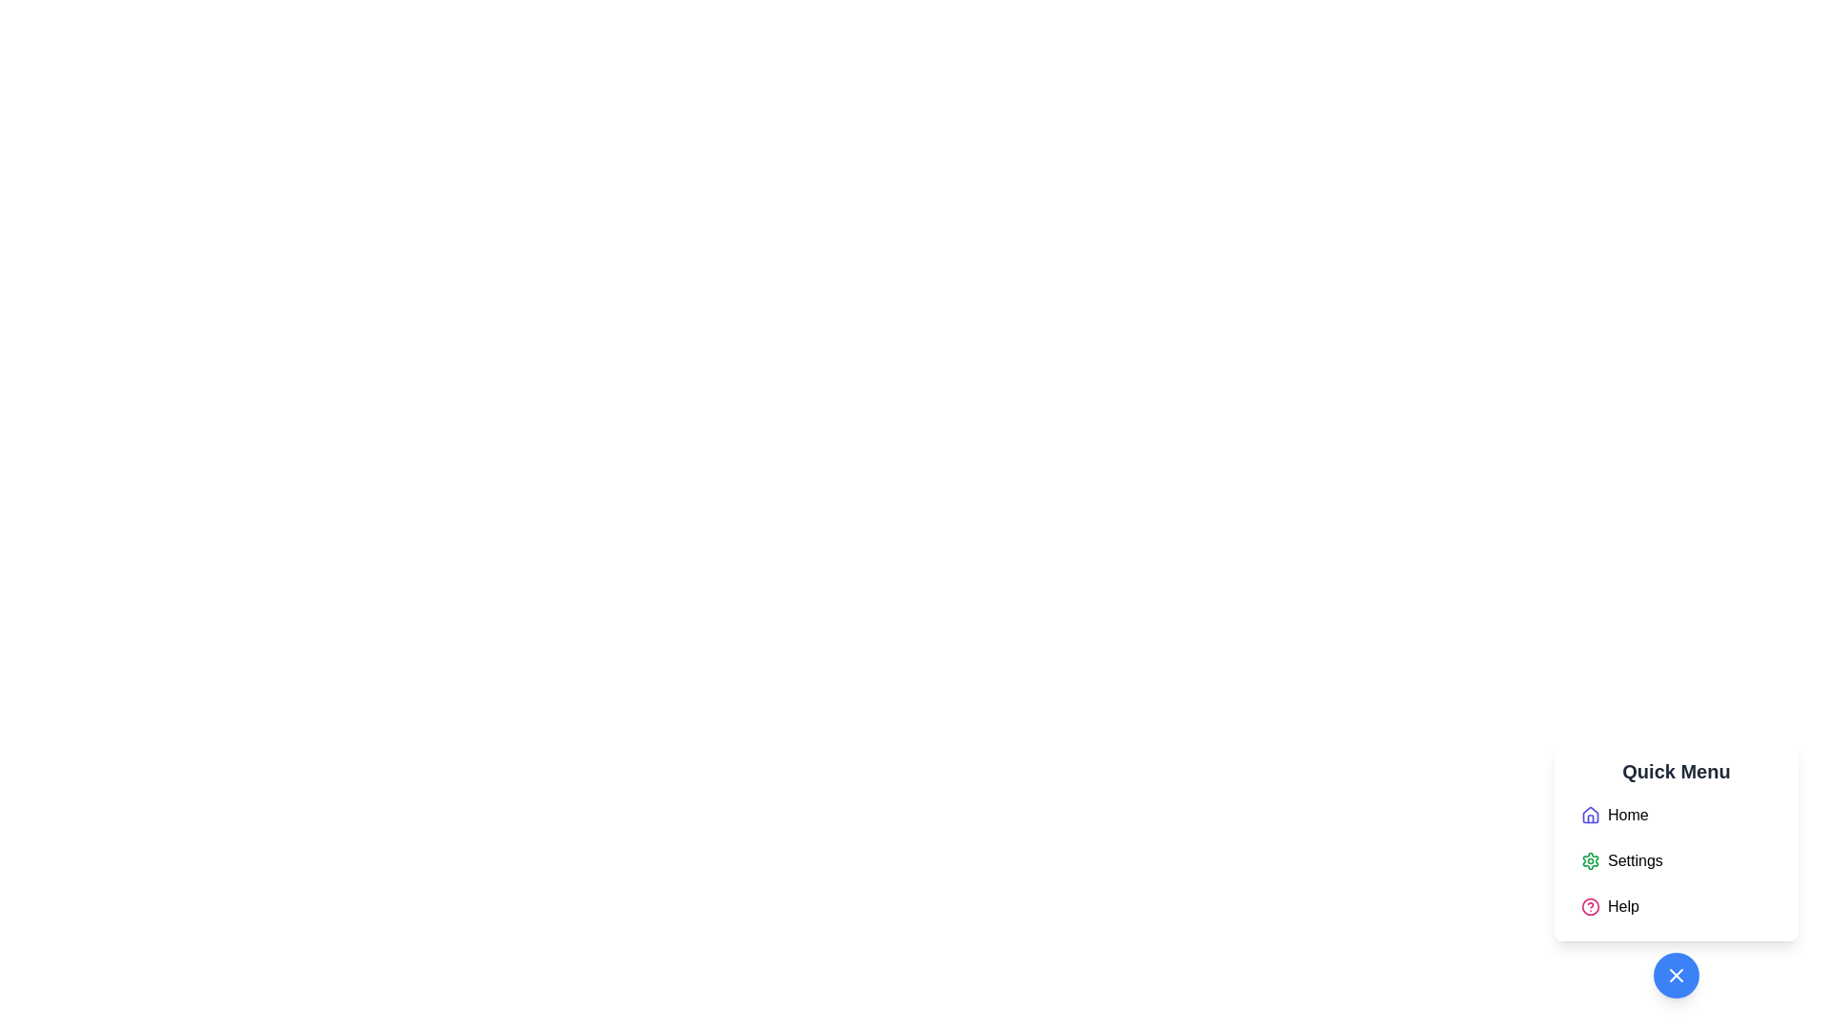 This screenshot has width=1829, height=1029. What do you see at coordinates (1591, 815) in the screenshot?
I see `the small light blue outlined house icon located next to the 'Home' text in the top-left corner of the 'Home' menu item within the 'Quick Menu' section` at bounding box center [1591, 815].